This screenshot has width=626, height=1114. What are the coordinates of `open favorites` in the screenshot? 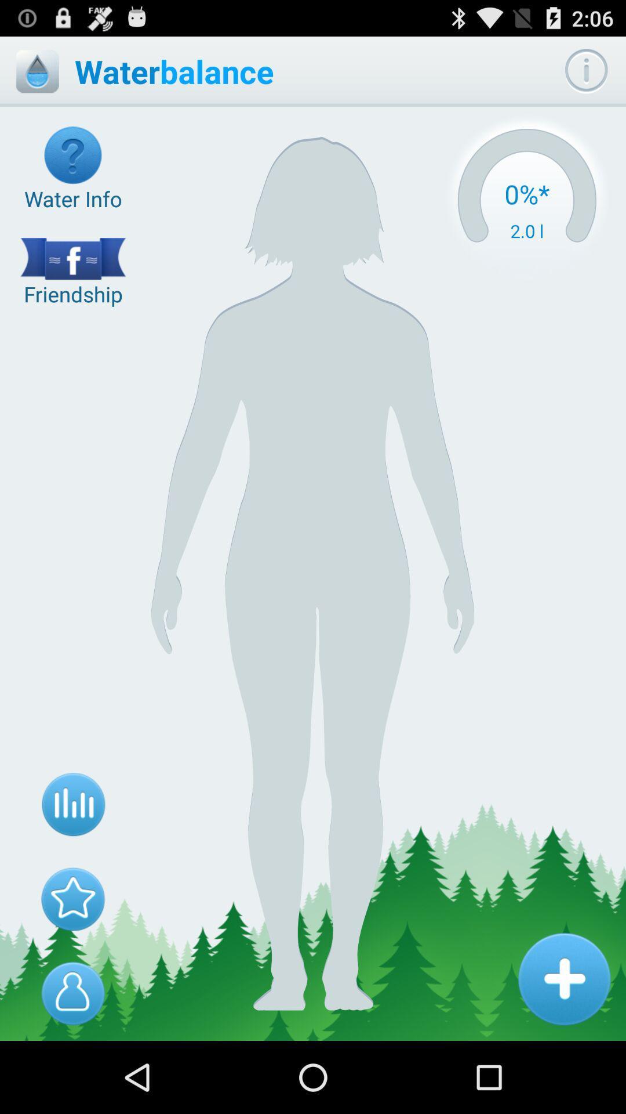 It's located at (73, 898).